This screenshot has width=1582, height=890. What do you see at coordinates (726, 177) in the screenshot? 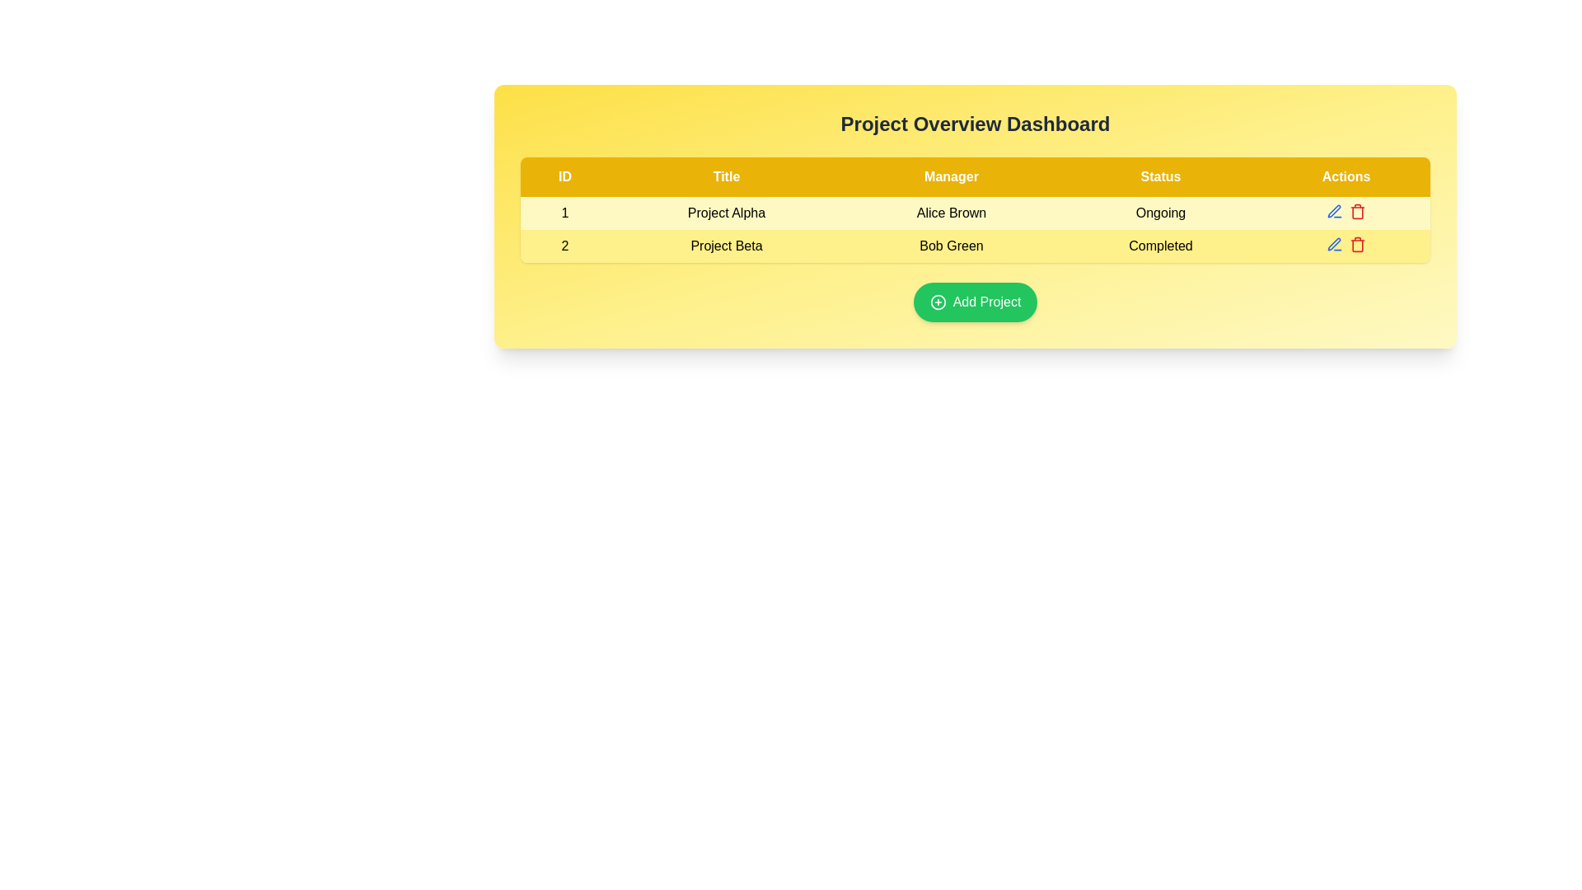
I see `the header cell for the 'Title' column in the table, located between the 'ID' and 'Manager' columns` at bounding box center [726, 177].